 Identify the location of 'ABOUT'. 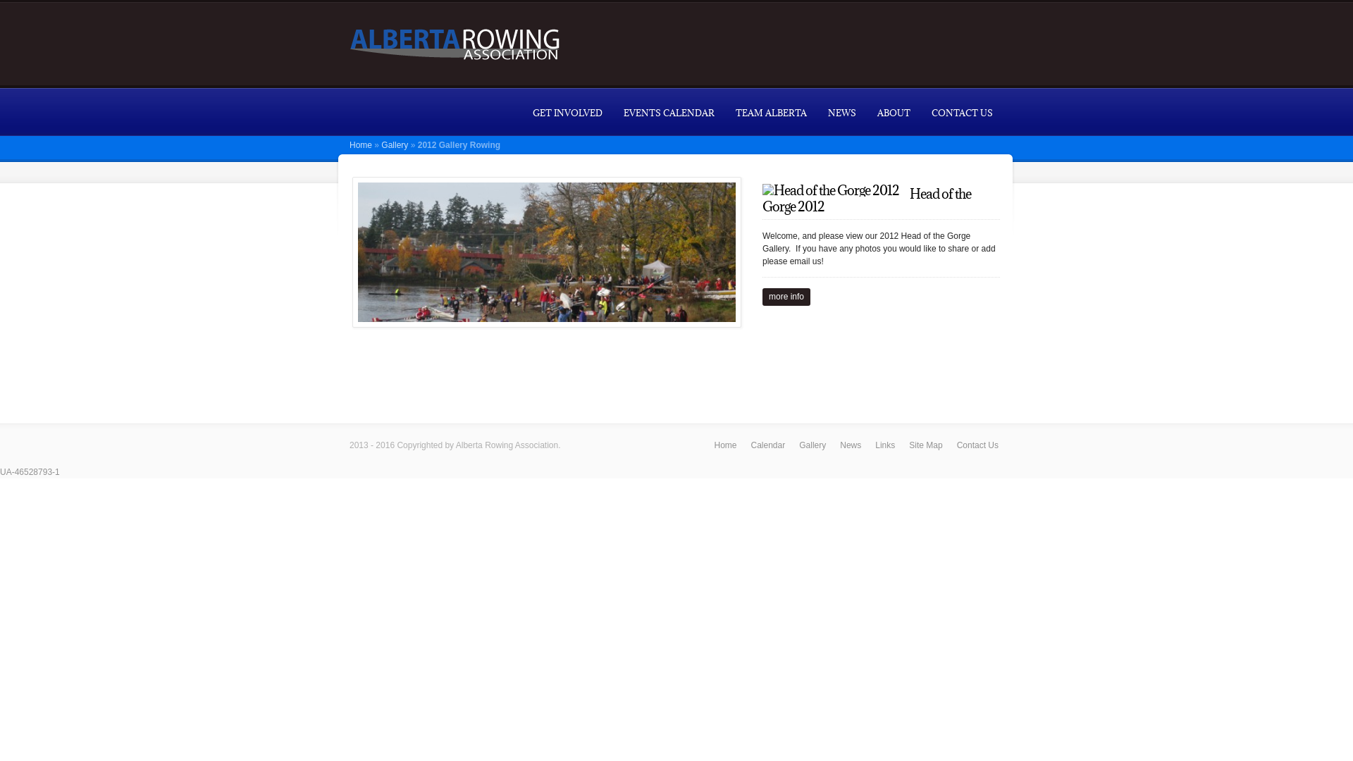
(893, 111).